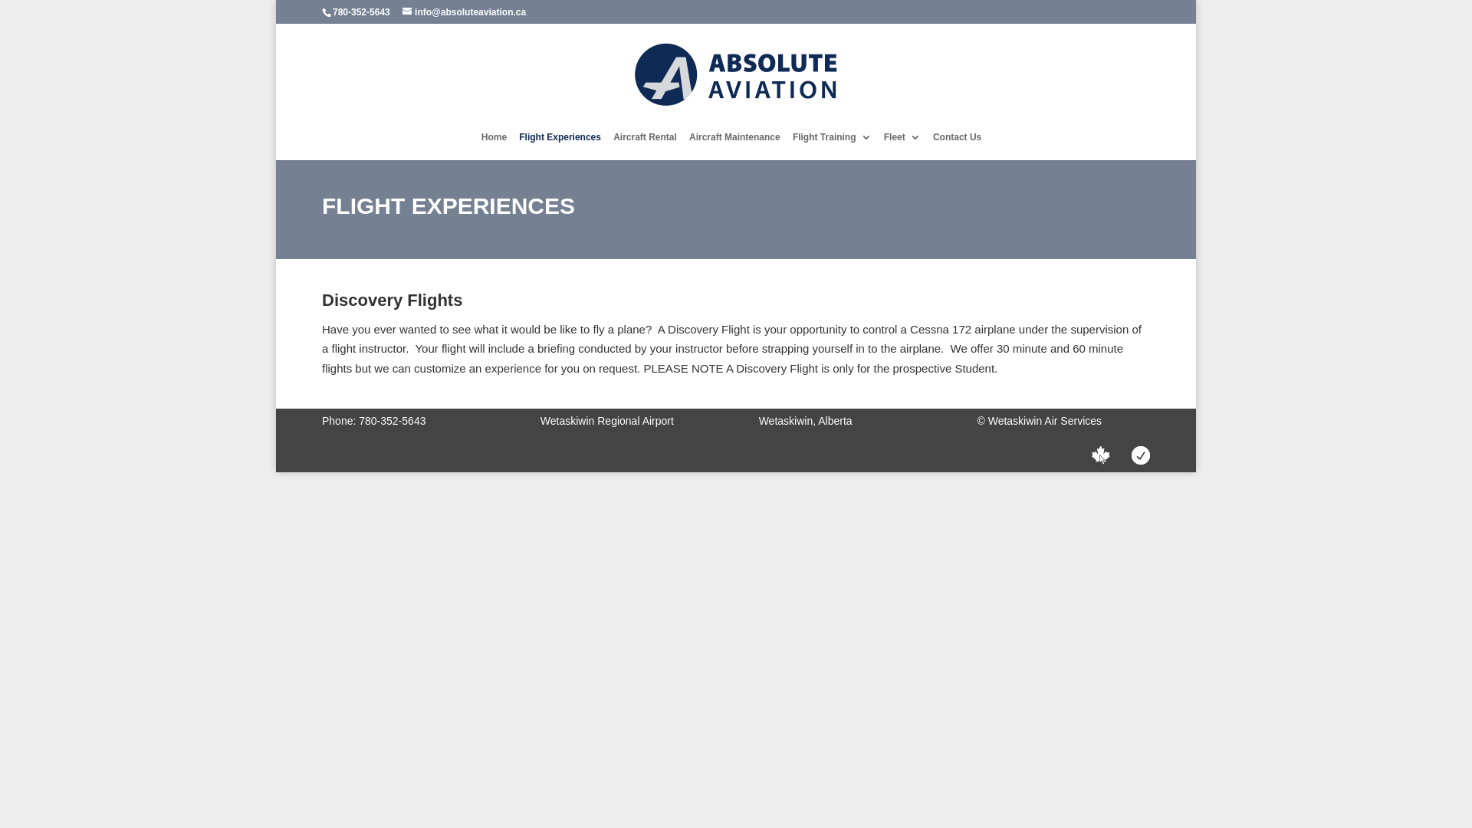 The image size is (1472, 828). What do you see at coordinates (360, 11) in the screenshot?
I see `'780-352-5643'` at bounding box center [360, 11].